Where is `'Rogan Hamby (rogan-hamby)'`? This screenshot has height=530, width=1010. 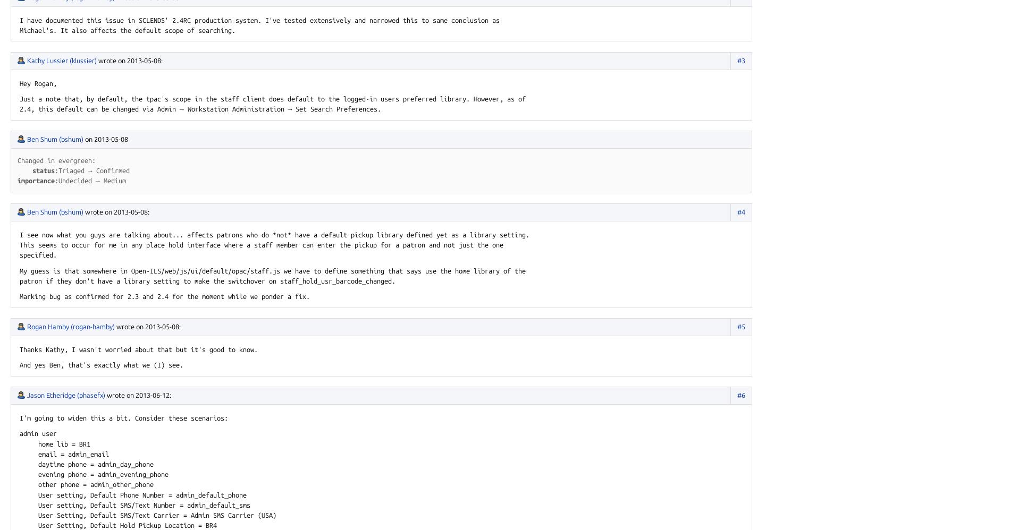 'Rogan Hamby (rogan-hamby)' is located at coordinates (27, 326).